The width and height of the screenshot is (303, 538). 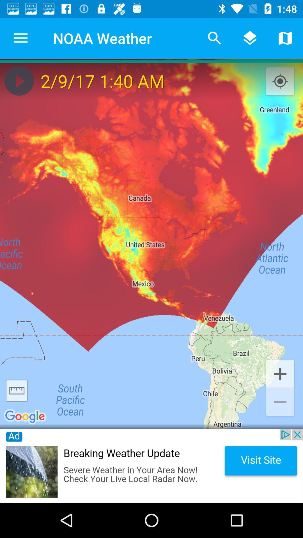 What do you see at coordinates (19, 80) in the screenshot?
I see `the map` at bounding box center [19, 80].